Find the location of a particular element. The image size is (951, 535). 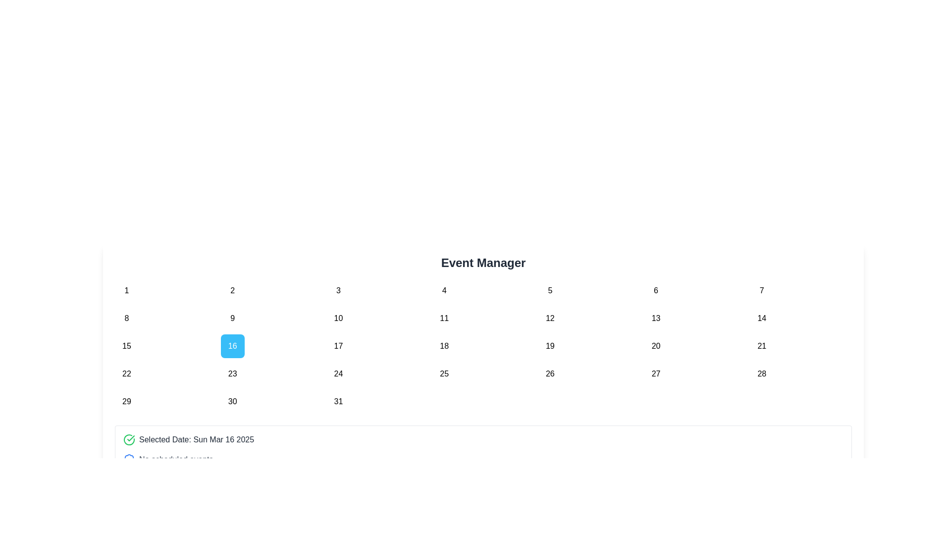

the blue square button with rounded corners displaying the number '16' is located at coordinates (232, 345).